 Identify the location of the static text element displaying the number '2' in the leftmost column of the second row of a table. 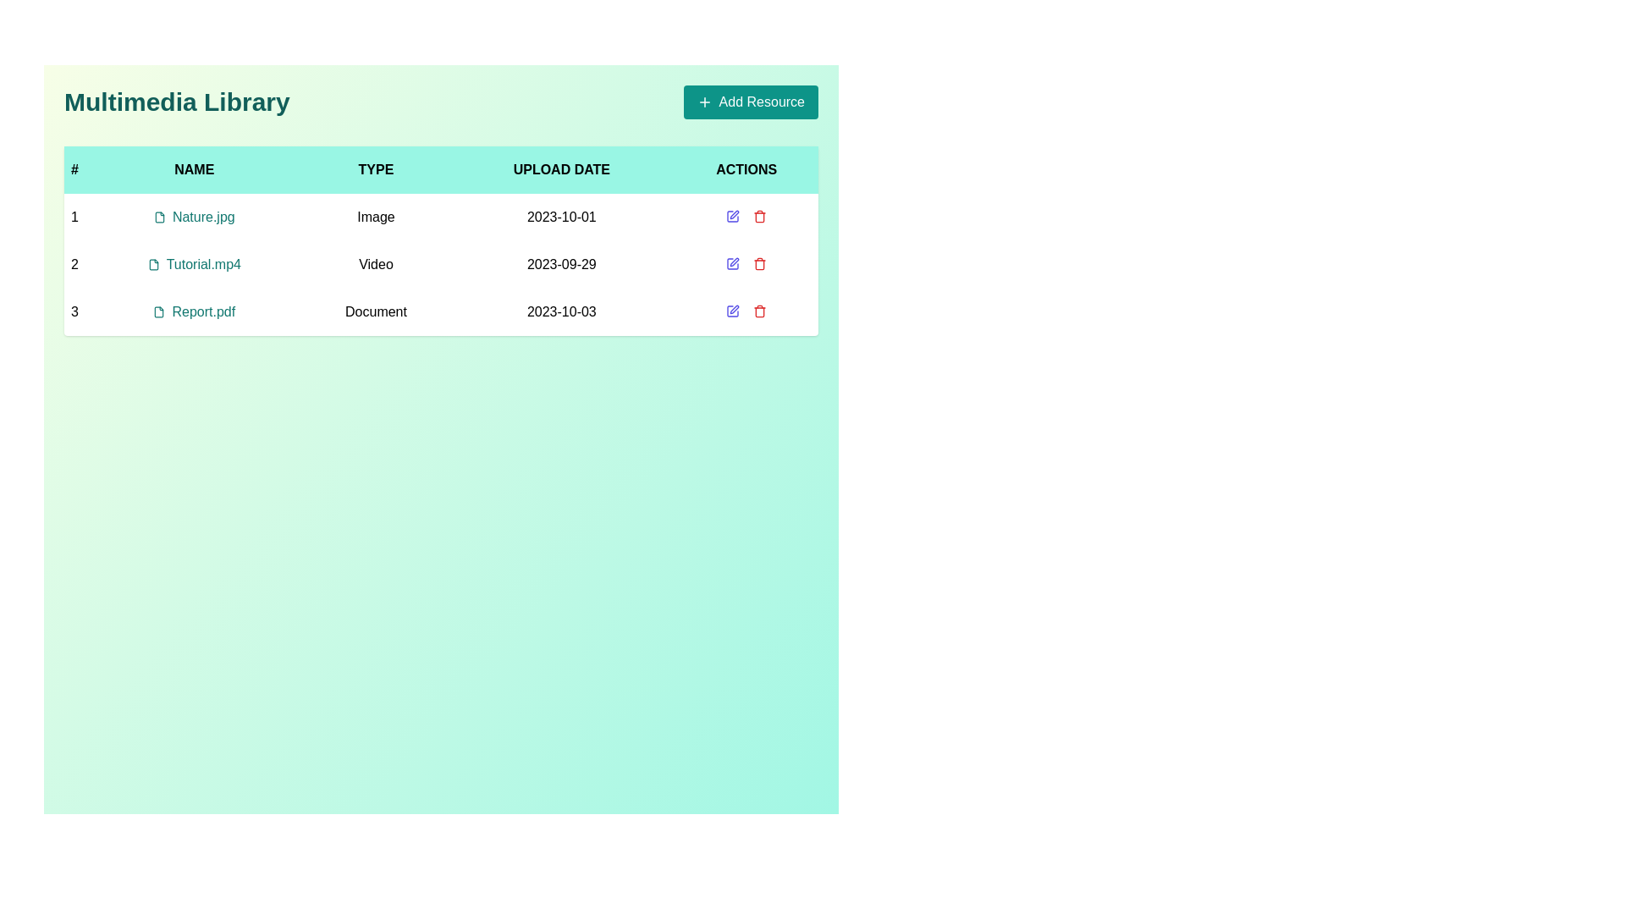
(74, 264).